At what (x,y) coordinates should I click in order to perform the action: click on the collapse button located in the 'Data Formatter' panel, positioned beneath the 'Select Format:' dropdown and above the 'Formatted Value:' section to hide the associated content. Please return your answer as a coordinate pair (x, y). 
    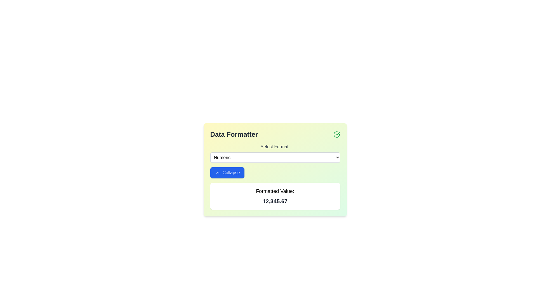
    Looking at the image, I should click on (227, 172).